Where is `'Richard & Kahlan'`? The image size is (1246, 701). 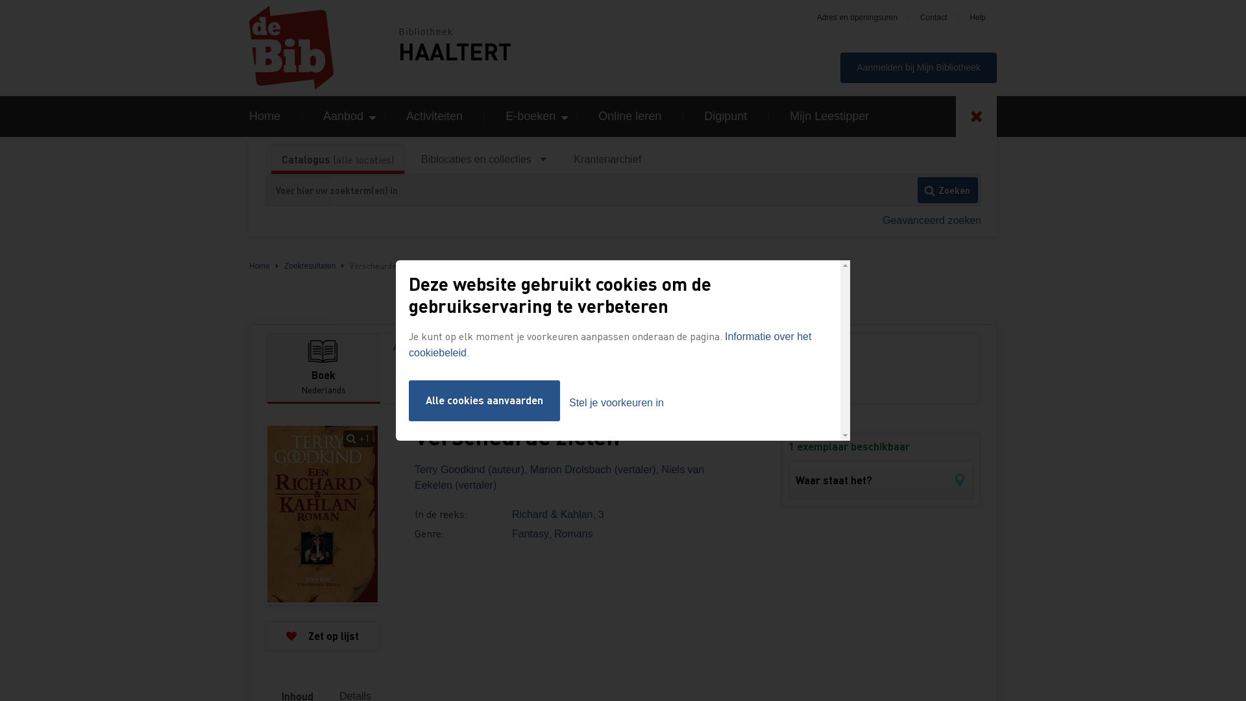
'Richard & Kahlan' is located at coordinates (511, 513).